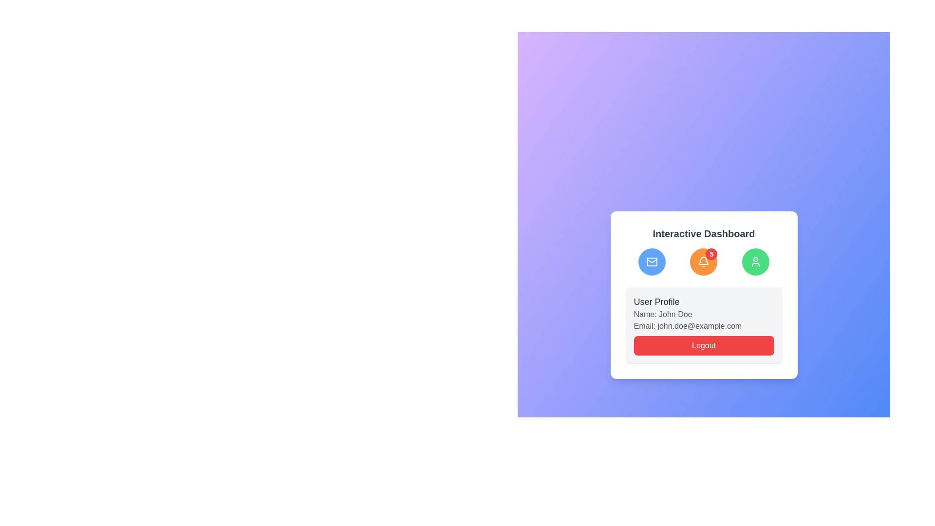  I want to click on the notification button located in the middle of three circular icons at the top section of the dashboard, so click(704, 261).